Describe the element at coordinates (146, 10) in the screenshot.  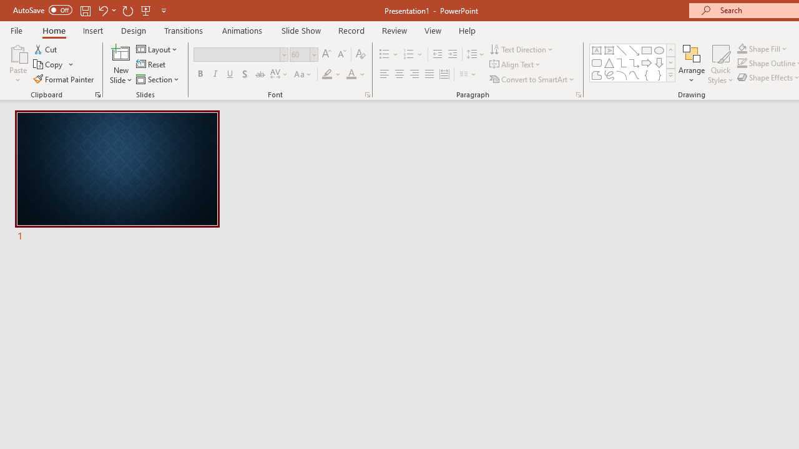
I see `'From Beginning'` at that location.